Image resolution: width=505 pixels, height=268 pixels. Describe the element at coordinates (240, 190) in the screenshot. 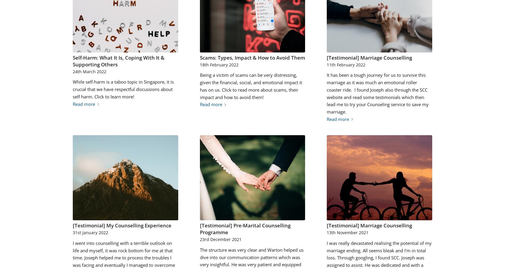

I see `'2021-12-23 15:14:38'` at that location.